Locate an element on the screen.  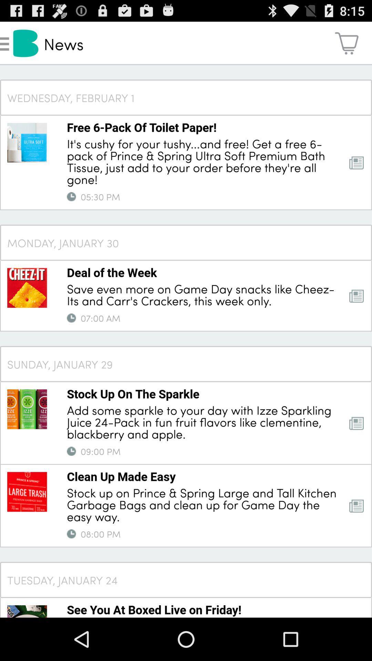
deal of the app is located at coordinates (112, 272).